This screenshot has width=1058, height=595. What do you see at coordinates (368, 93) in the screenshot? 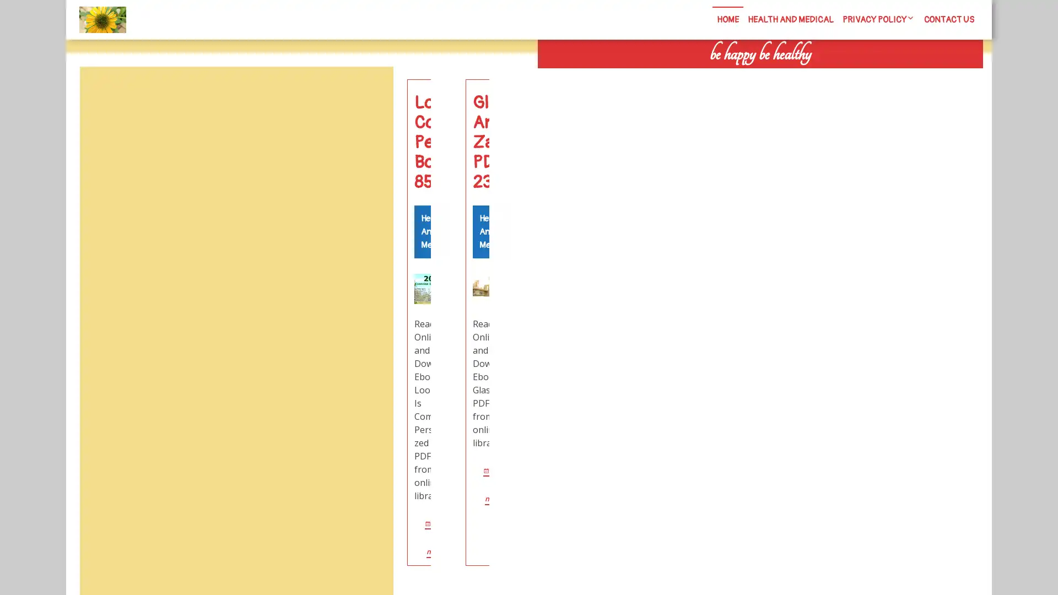
I see `Search` at bounding box center [368, 93].